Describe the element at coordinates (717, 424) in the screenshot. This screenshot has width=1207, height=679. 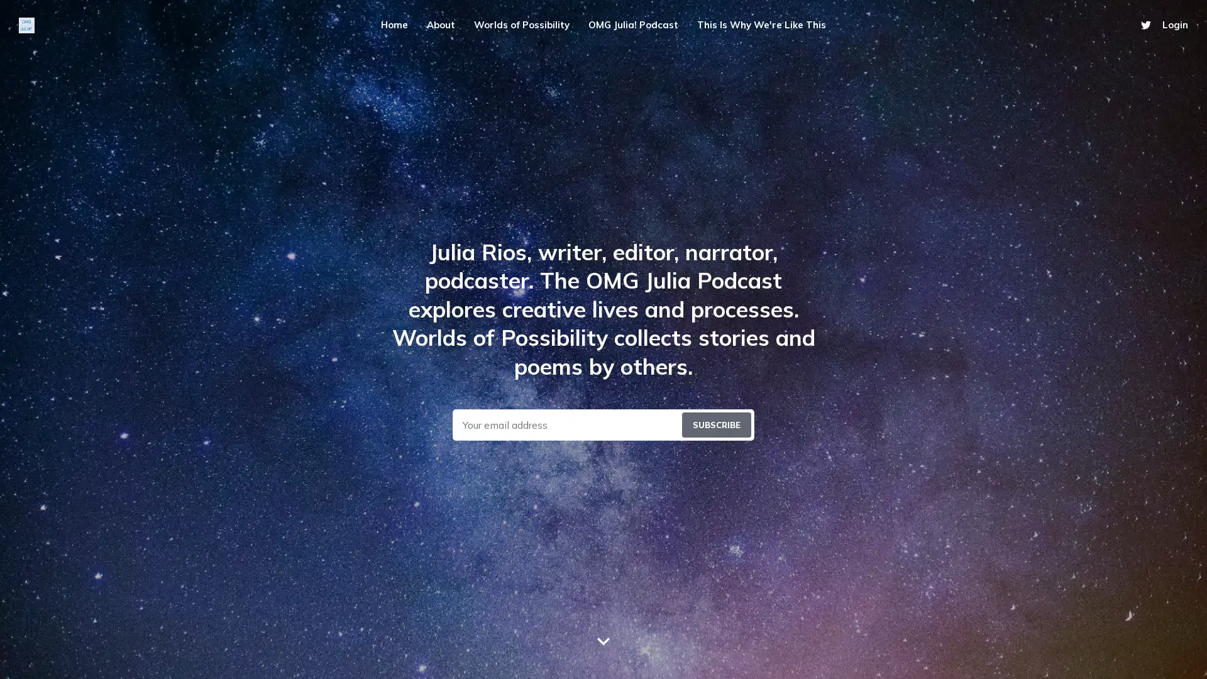
I see `Submit` at that location.